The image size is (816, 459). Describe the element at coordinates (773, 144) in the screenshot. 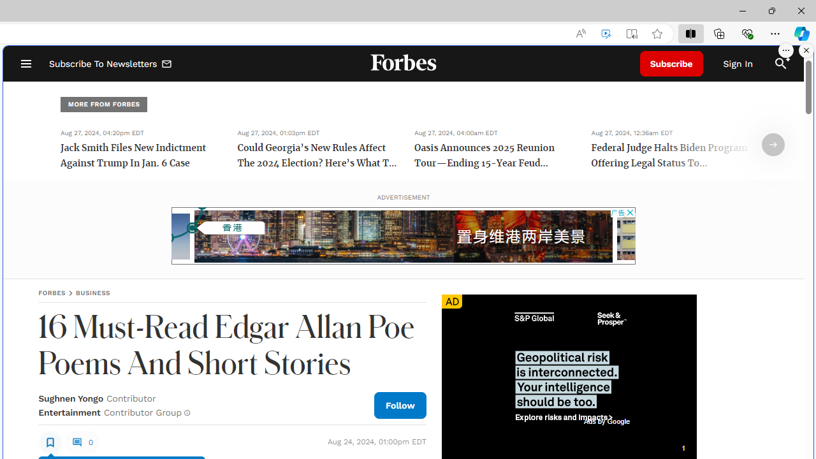

I see `'Arrow Right'` at that location.